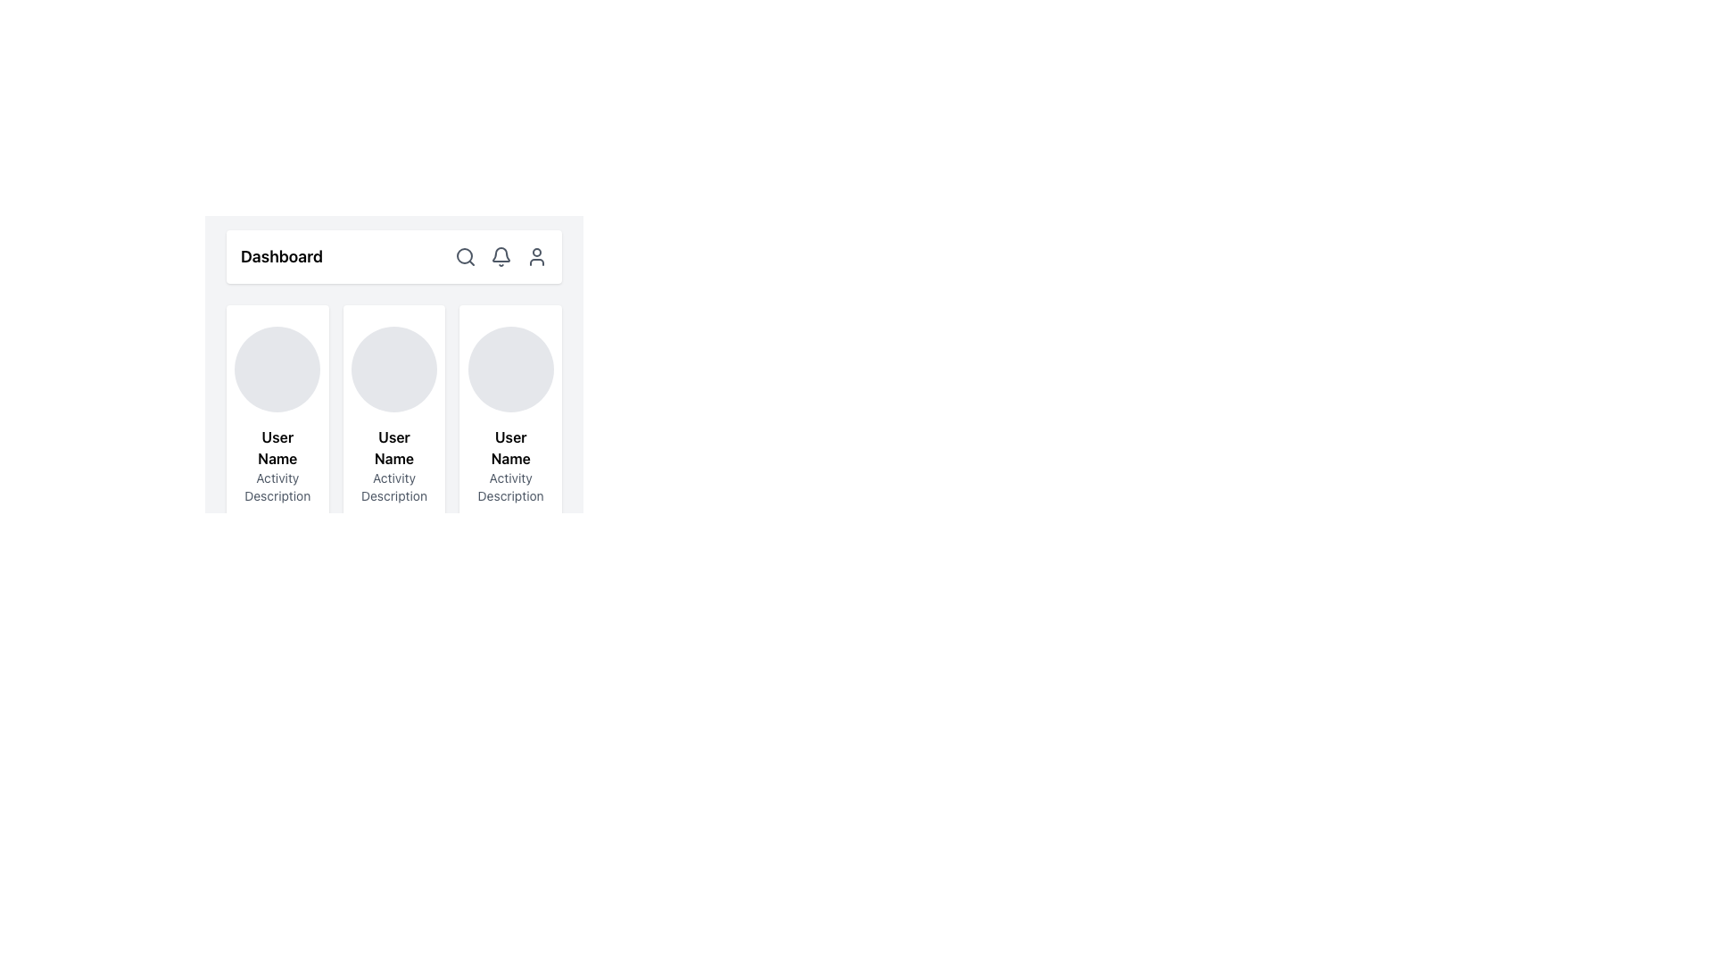 The image size is (1713, 964). What do you see at coordinates (393, 446) in the screenshot?
I see `the 'User Name' text label, which is styled in bold and located in the center column of the vertical group above a descriptive label and a button` at bounding box center [393, 446].